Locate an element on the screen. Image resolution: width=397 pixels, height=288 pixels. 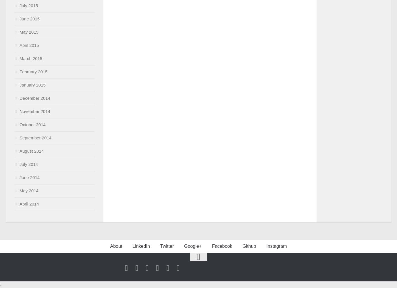
'July 2014' is located at coordinates (29, 164).